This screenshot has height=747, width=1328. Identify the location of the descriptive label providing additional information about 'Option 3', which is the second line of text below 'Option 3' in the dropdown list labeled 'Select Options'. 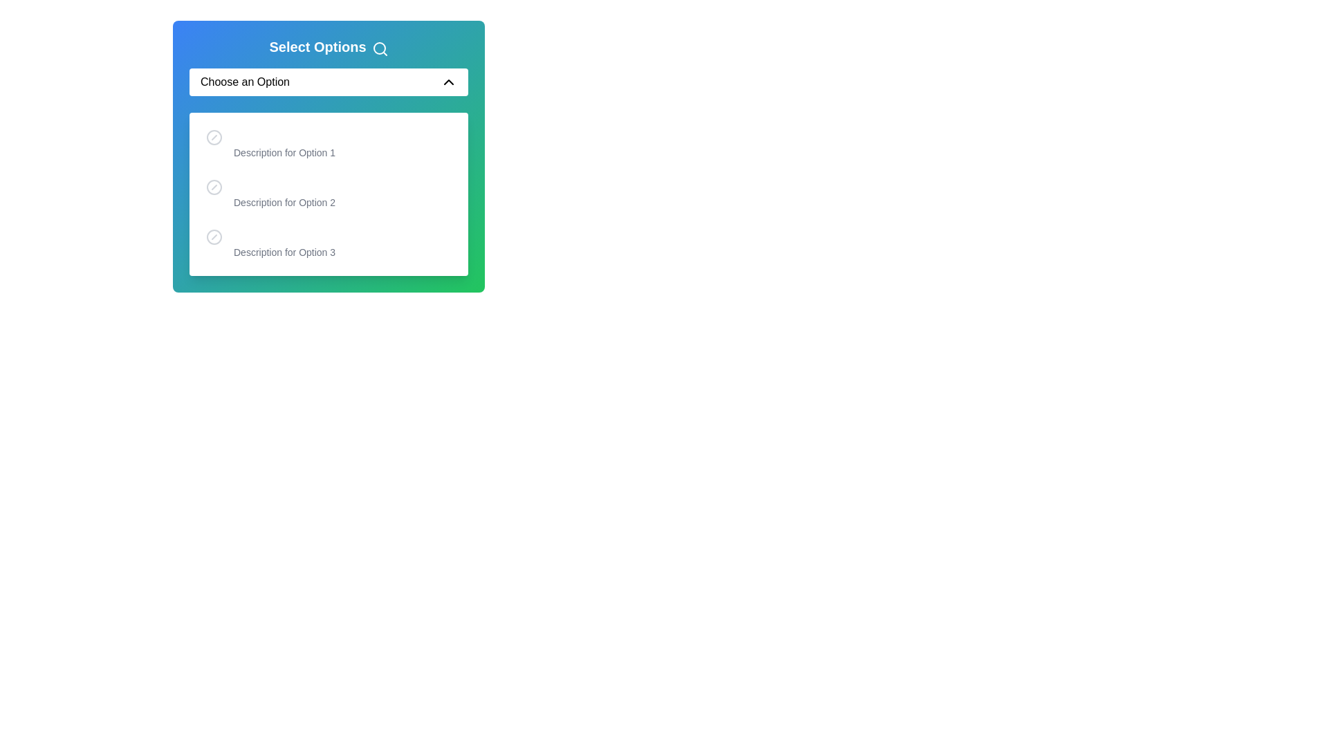
(284, 252).